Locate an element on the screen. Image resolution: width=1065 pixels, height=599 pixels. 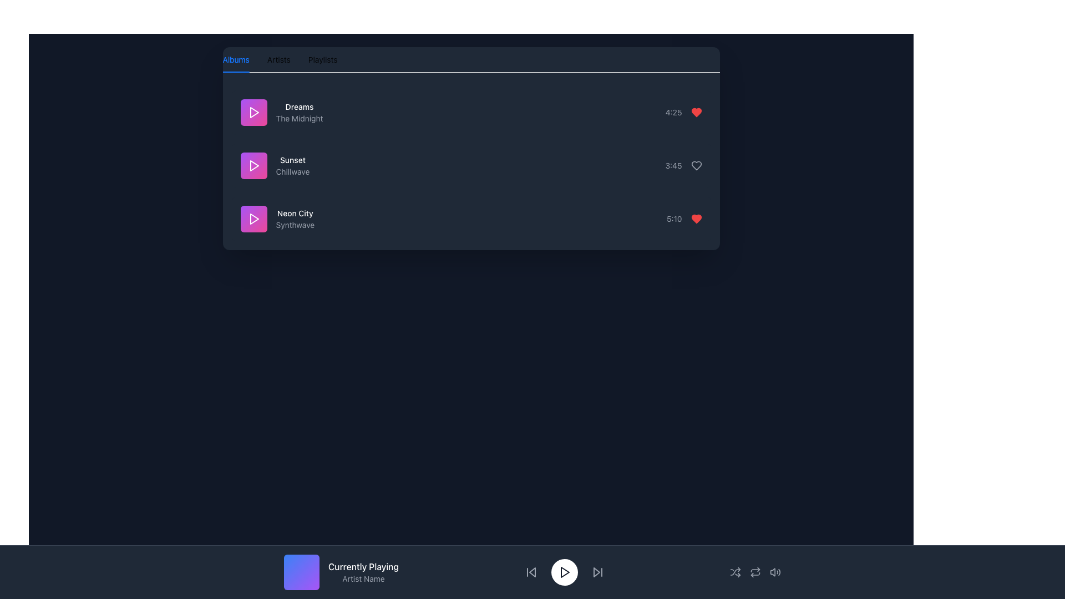
the second item in the playlist, which has a gradient play button and displays the text 'Sunset' in white and 'Chillwave' in gray is located at coordinates (275, 166).